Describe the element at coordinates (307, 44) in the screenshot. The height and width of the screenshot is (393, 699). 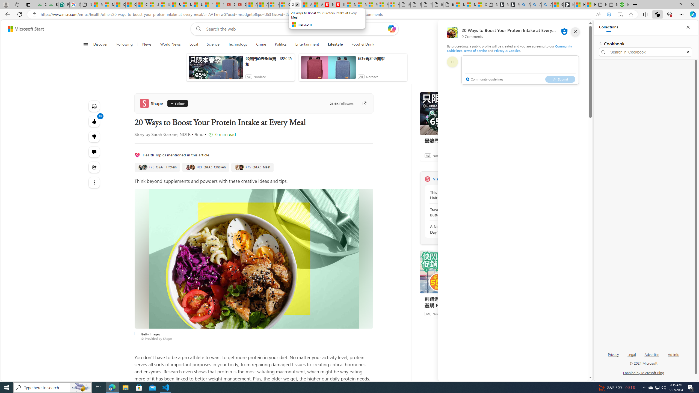
I see `'Entertainment'` at that location.